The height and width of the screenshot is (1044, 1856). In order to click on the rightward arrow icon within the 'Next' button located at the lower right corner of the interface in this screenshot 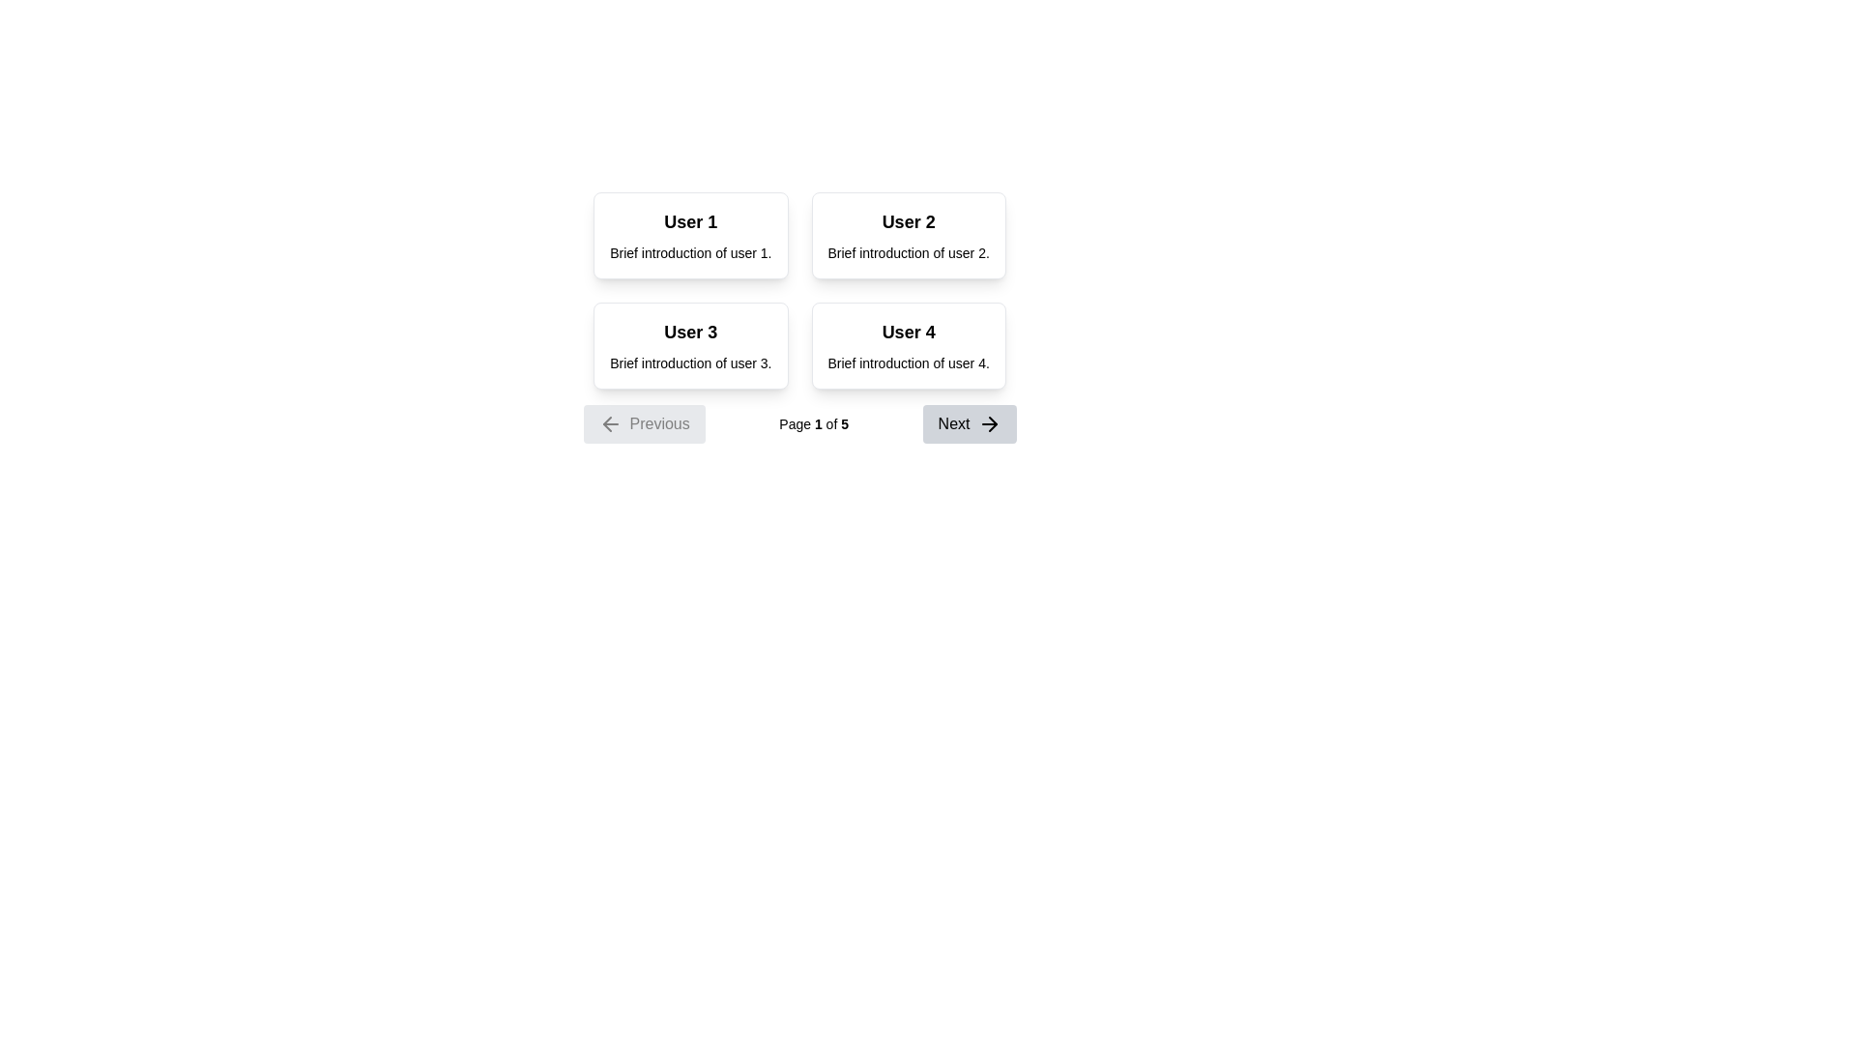, I will do `click(993, 423)`.